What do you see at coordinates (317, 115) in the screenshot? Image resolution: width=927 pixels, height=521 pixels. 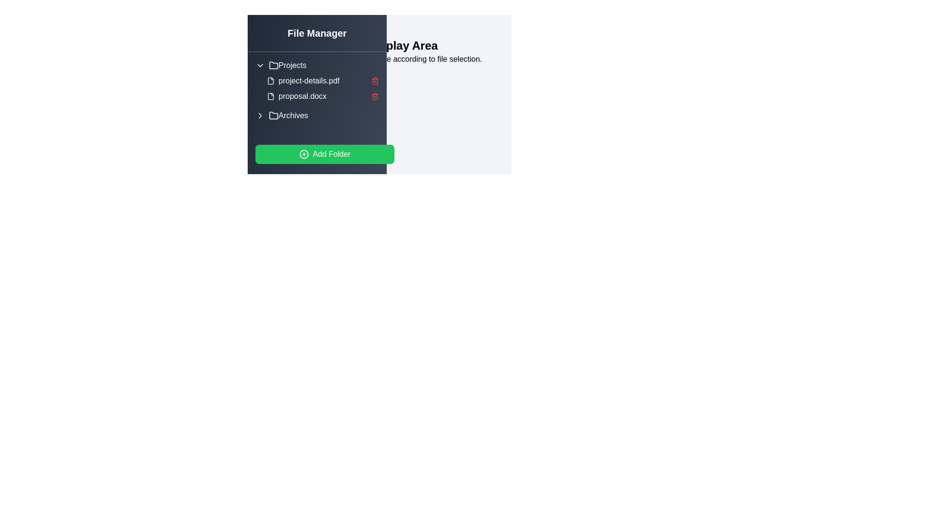 I see `the 'Archives' folder item` at bounding box center [317, 115].